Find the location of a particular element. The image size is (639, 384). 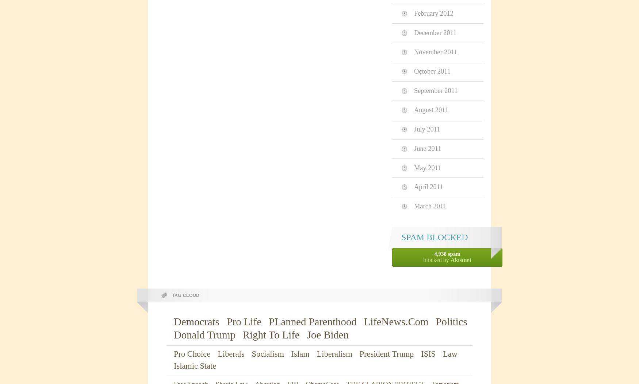

'Islam' is located at coordinates (290, 353).